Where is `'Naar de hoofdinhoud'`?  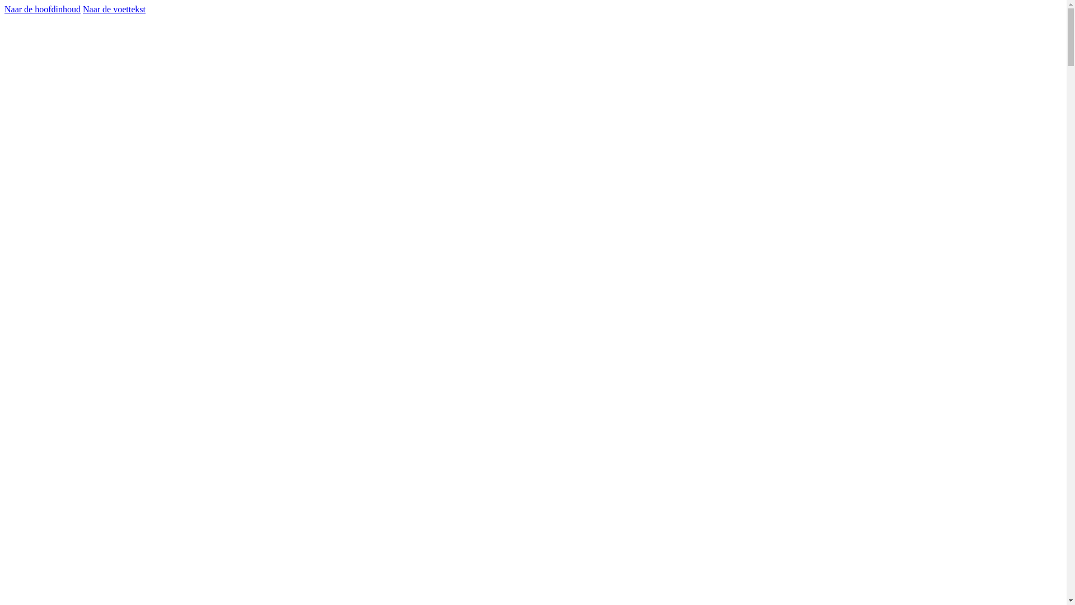 'Naar de hoofdinhoud' is located at coordinates (4, 9).